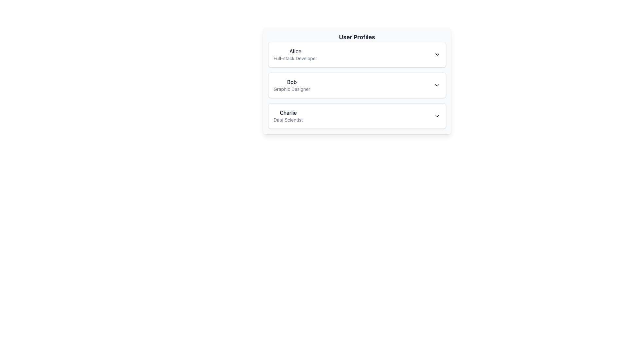 This screenshot has width=628, height=353. I want to click on content displayed in the Text Display element showing the user's name and role, located in the third section of a vertically stacked list of user profiles, so click(288, 115).